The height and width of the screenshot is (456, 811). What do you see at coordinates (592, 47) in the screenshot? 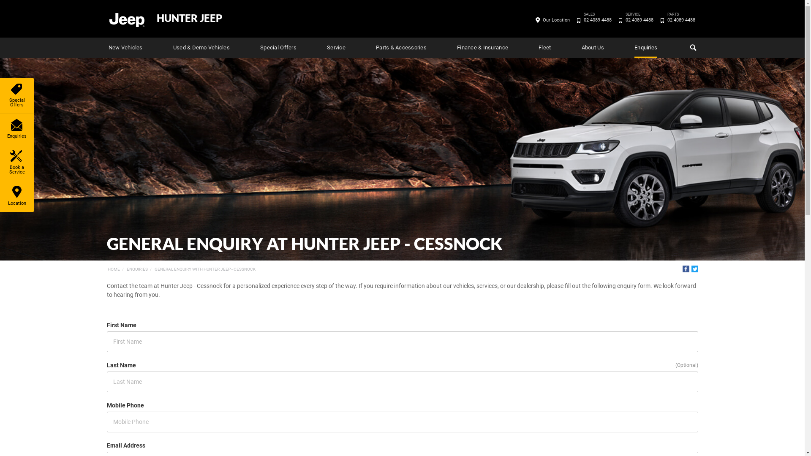
I see `'About Us'` at bounding box center [592, 47].